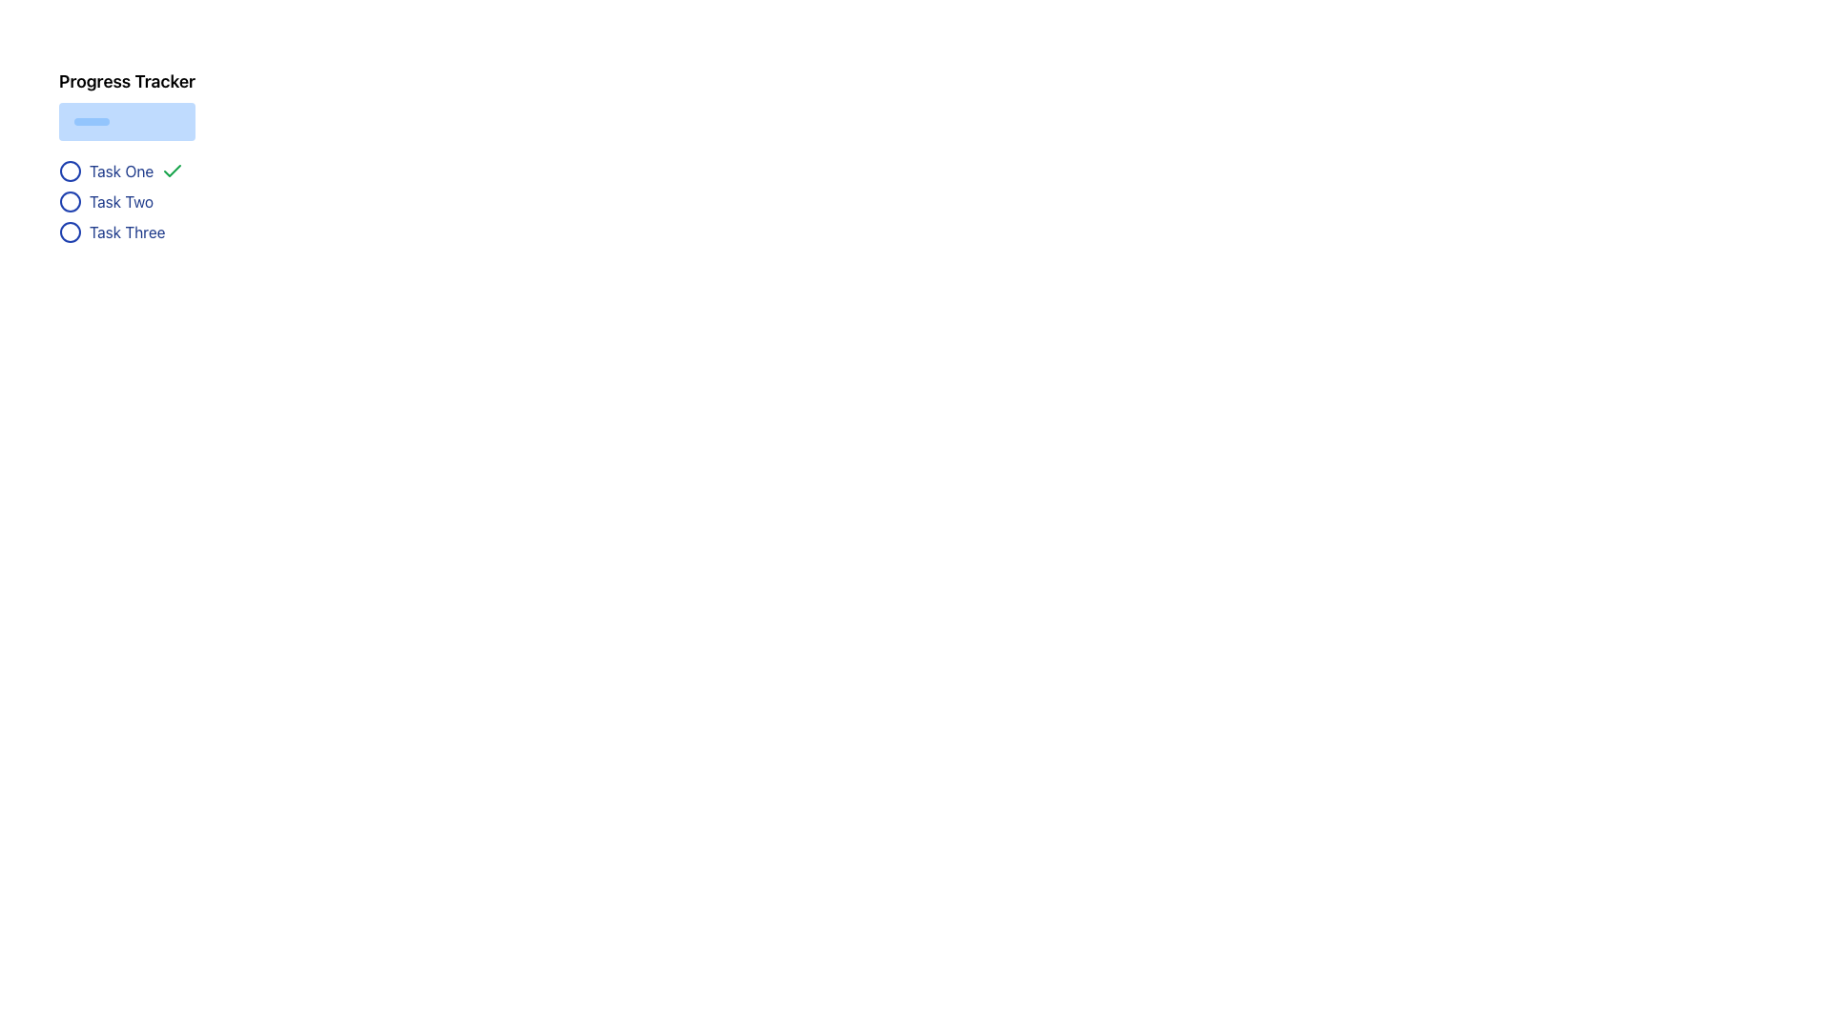  Describe the element at coordinates (120, 171) in the screenshot. I see `text label displaying 'Task One', which is positioned between a circular blue icon on the left and a green checkmark on the right, under the title 'Progress Tracker'` at that location.